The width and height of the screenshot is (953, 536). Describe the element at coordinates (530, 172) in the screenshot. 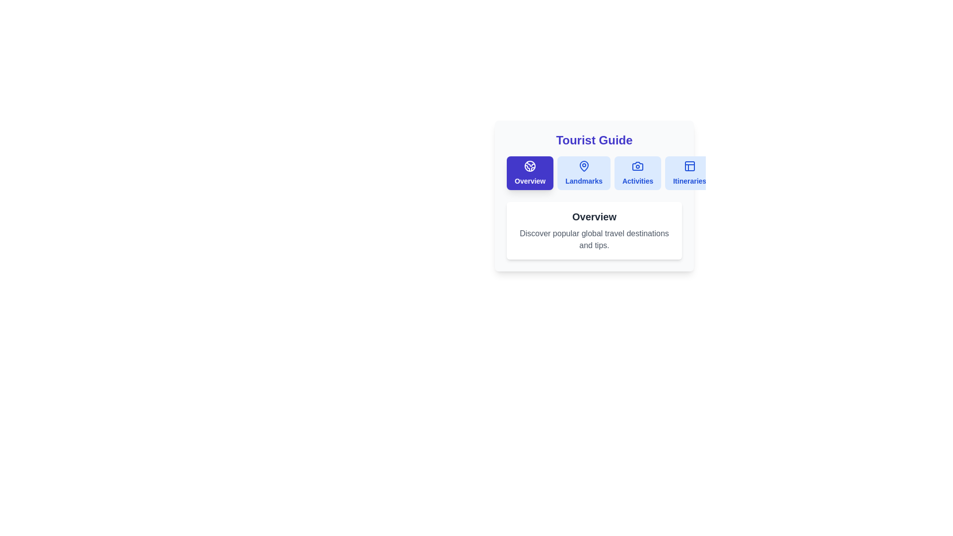

I see `the tab labeled Overview to inspect its icon and label` at that location.